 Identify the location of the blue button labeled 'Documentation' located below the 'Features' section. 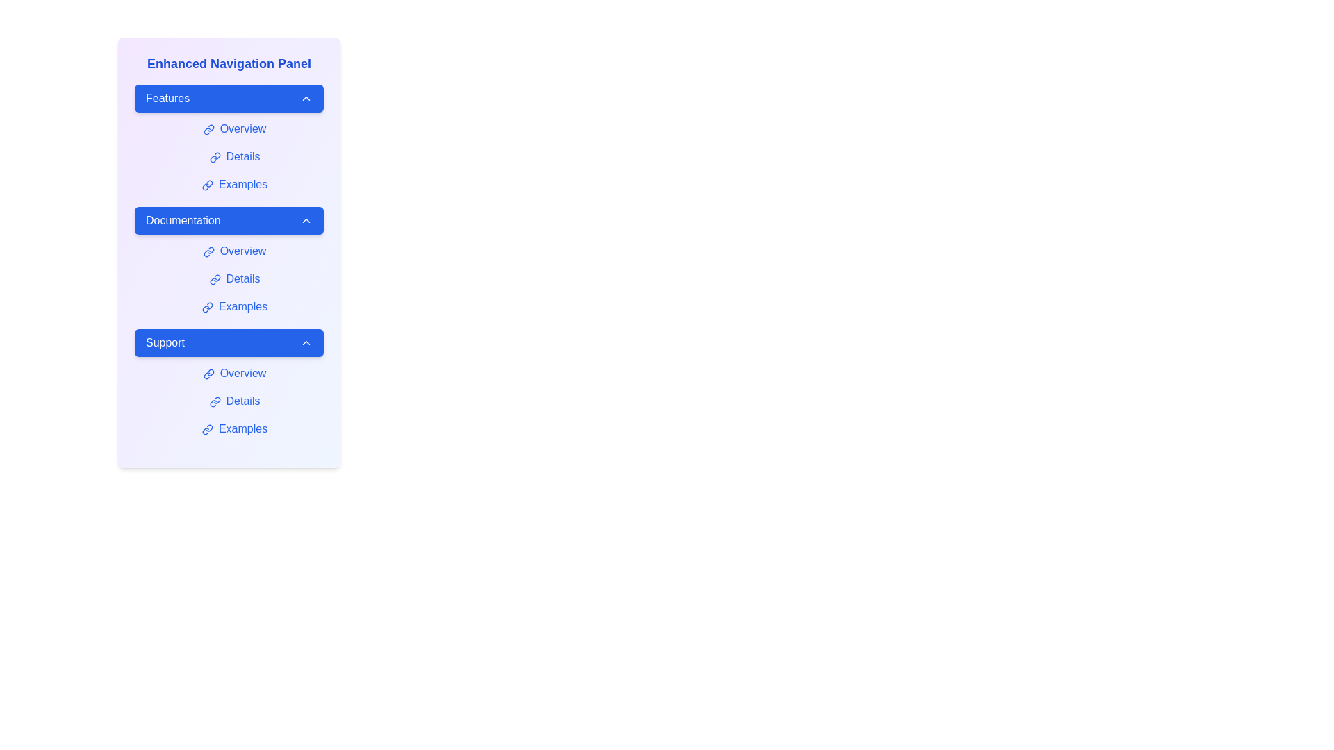
(229, 219).